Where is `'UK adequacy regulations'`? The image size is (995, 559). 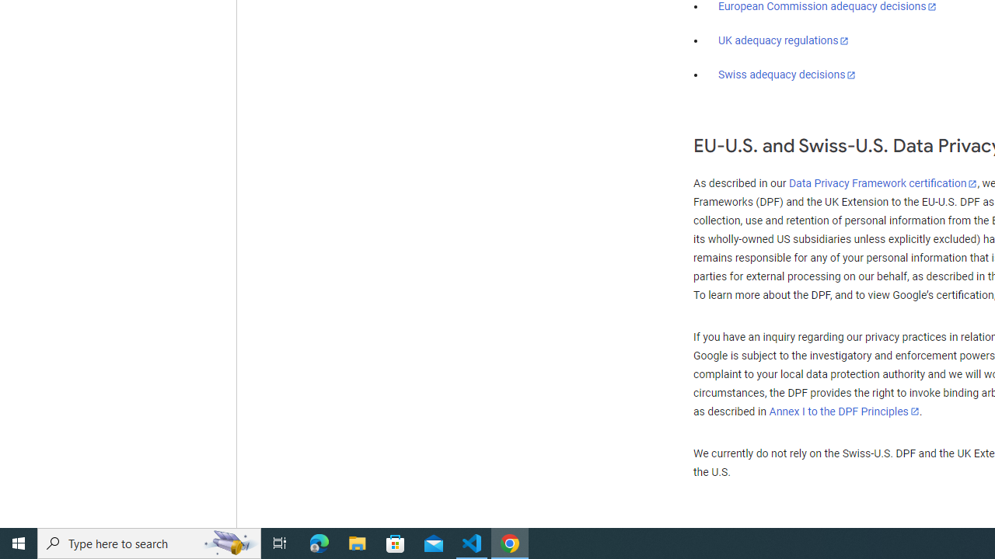 'UK adequacy regulations' is located at coordinates (784, 40).